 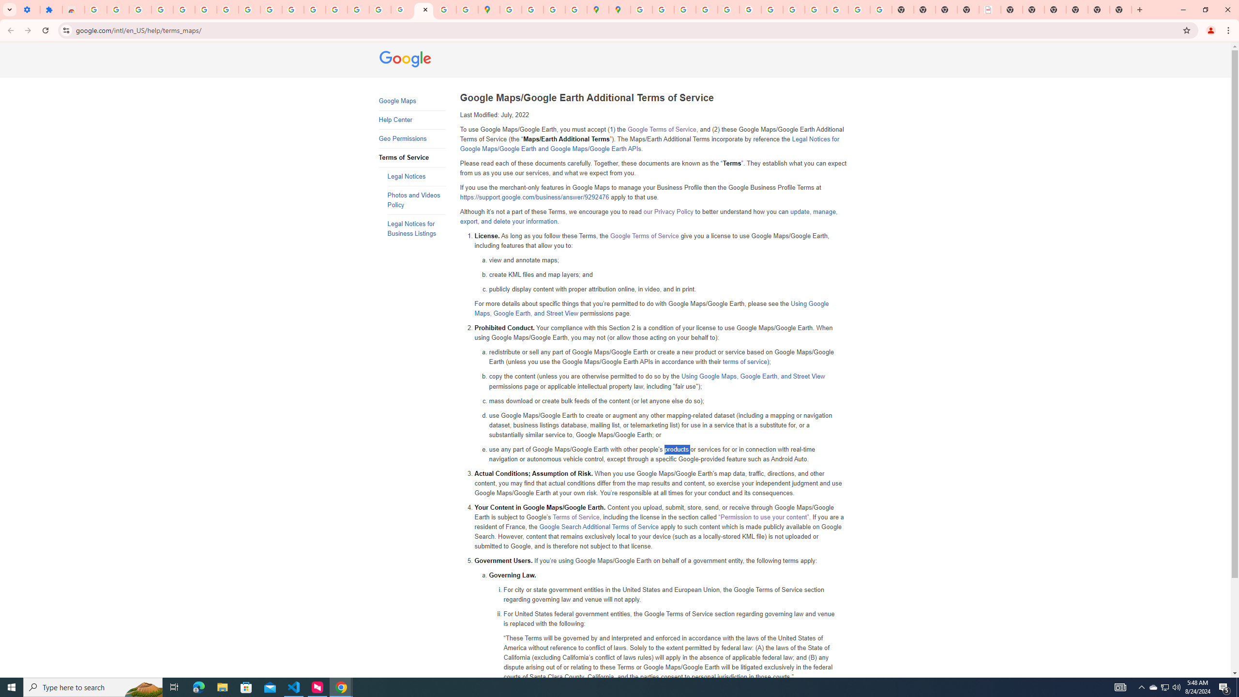 I want to click on 'New Tab', so click(x=1120, y=9).